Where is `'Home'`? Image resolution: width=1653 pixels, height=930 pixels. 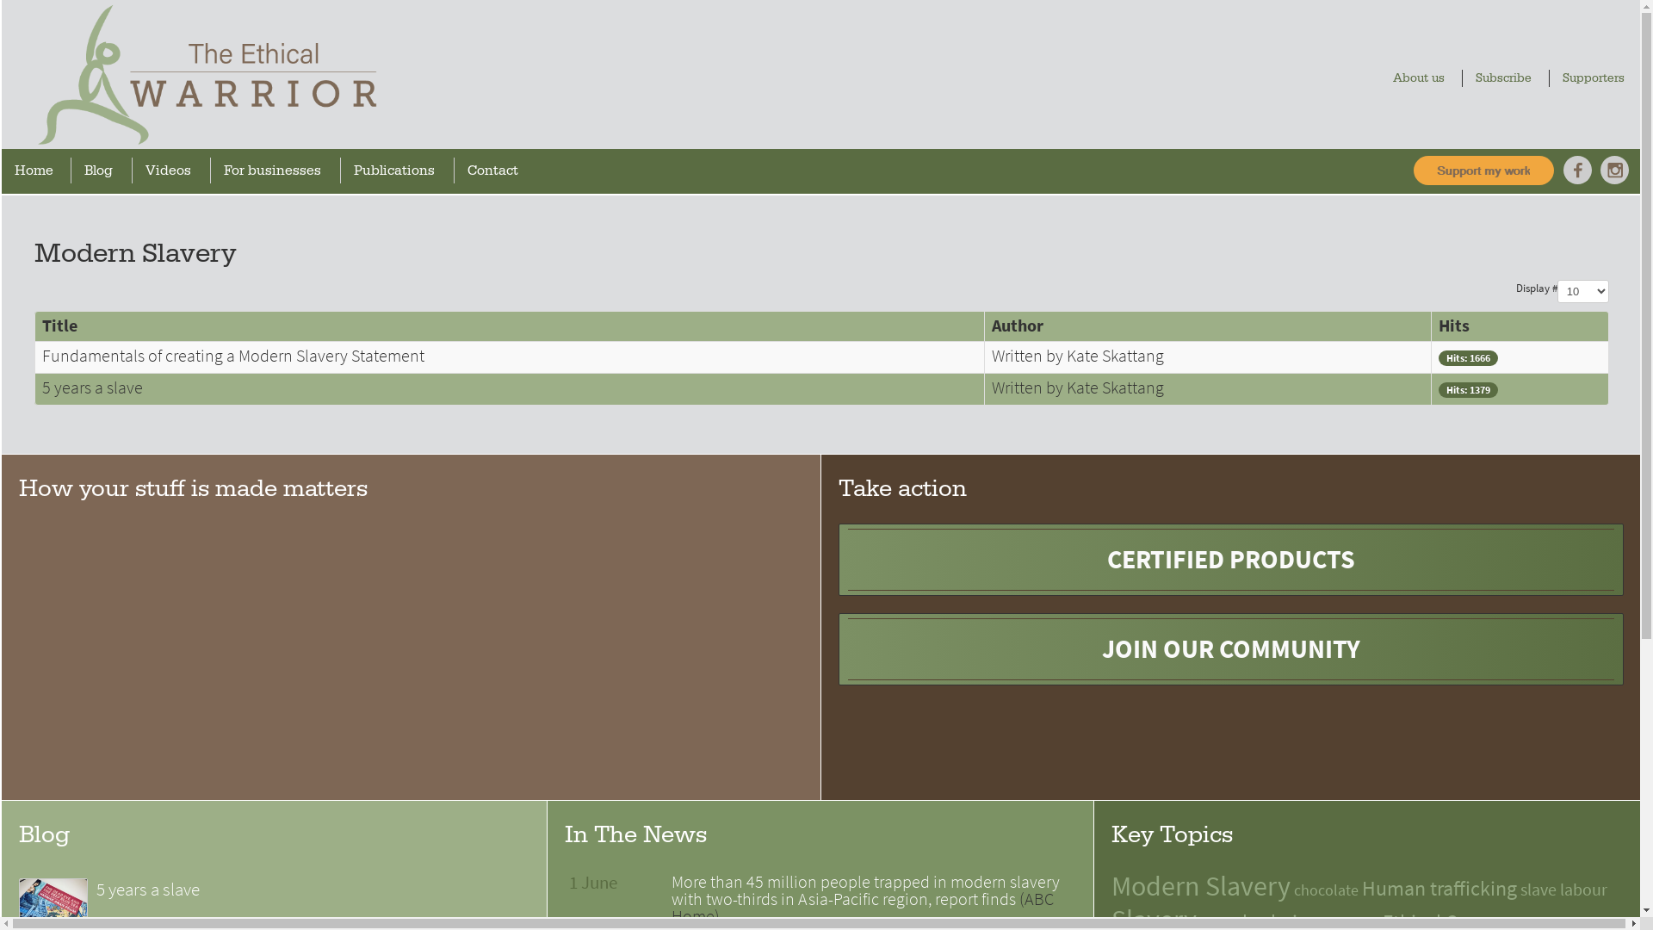
'Home' is located at coordinates (38, 170).